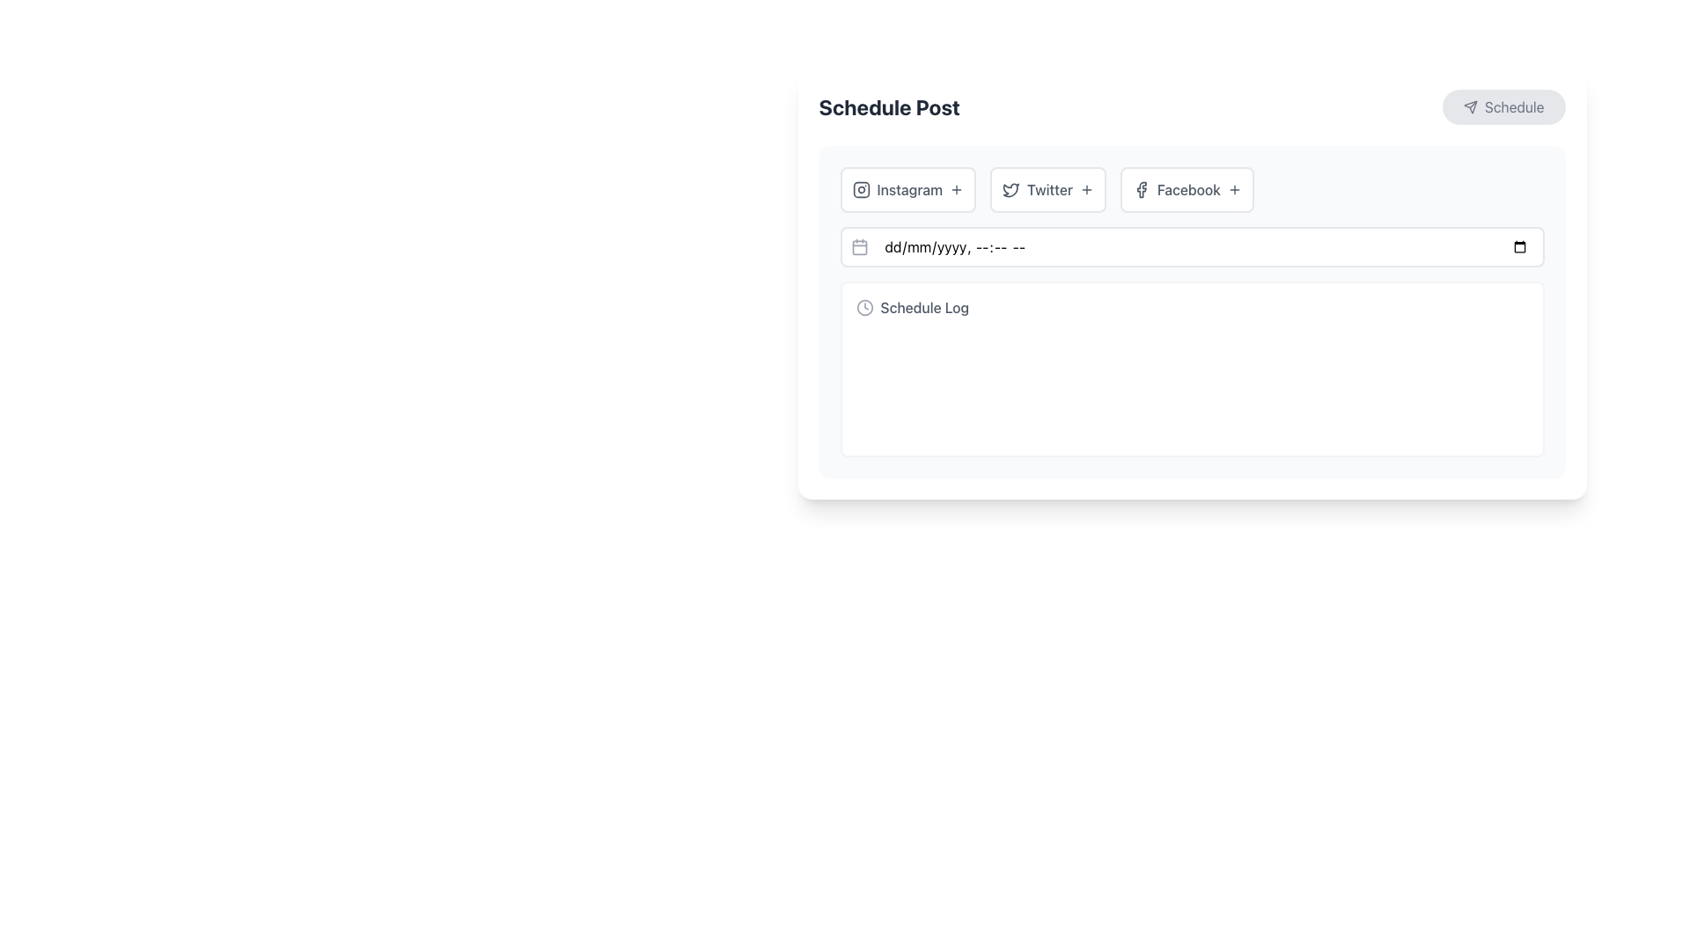 Image resolution: width=1690 pixels, height=950 pixels. I want to click on central rounded rectangular element that resembles the outline of a square within the Instagram logo, so click(861, 190).